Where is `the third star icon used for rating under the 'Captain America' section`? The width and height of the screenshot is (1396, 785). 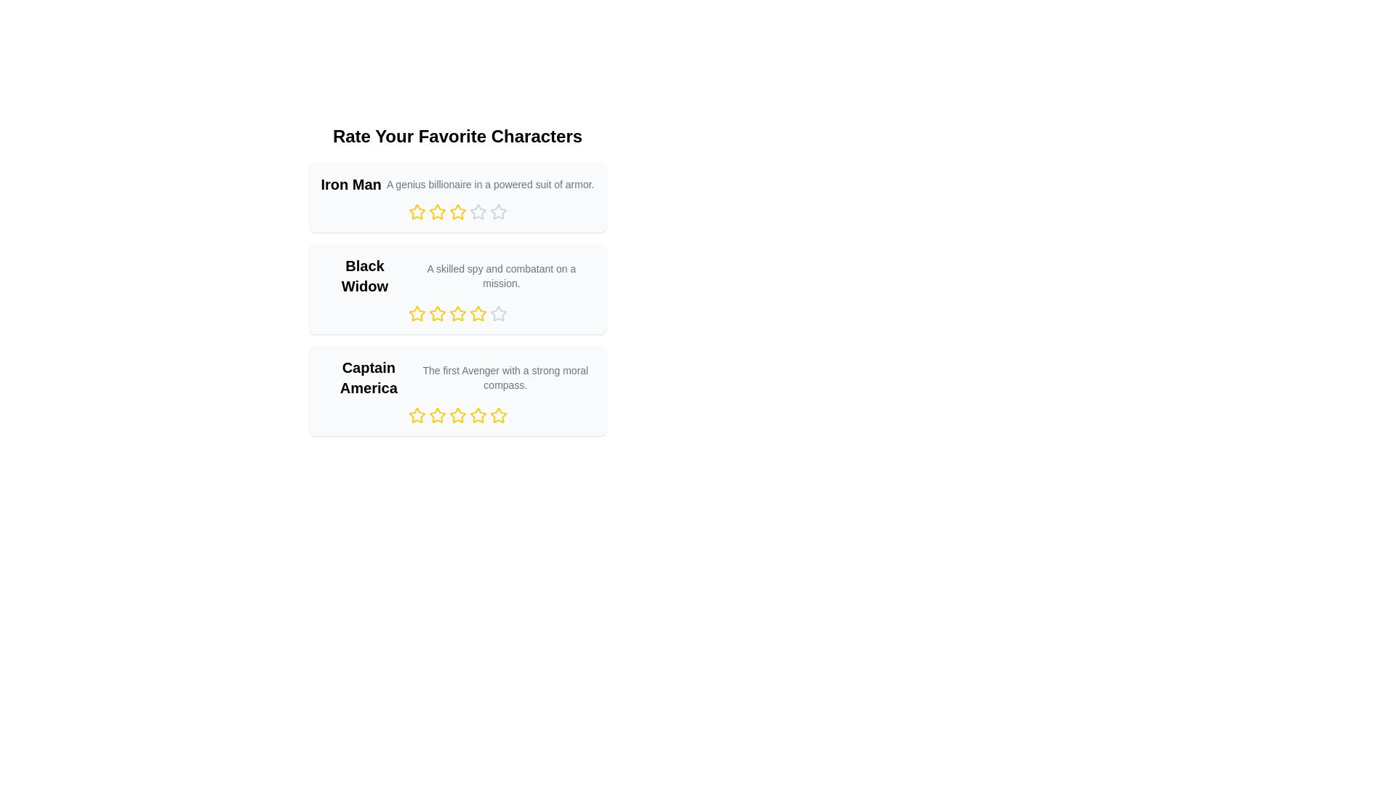 the third star icon used for rating under the 'Captain America' section is located at coordinates (457, 415).